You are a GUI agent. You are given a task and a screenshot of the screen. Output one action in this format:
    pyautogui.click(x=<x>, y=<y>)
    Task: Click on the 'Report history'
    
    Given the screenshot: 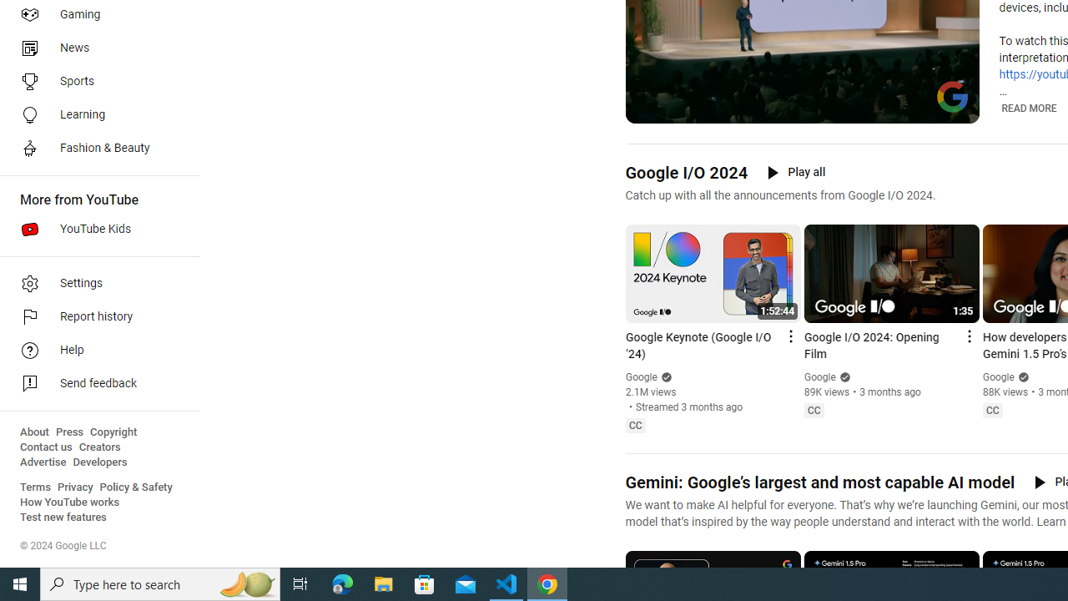 What is the action you would take?
    pyautogui.click(x=93, y=317)
    